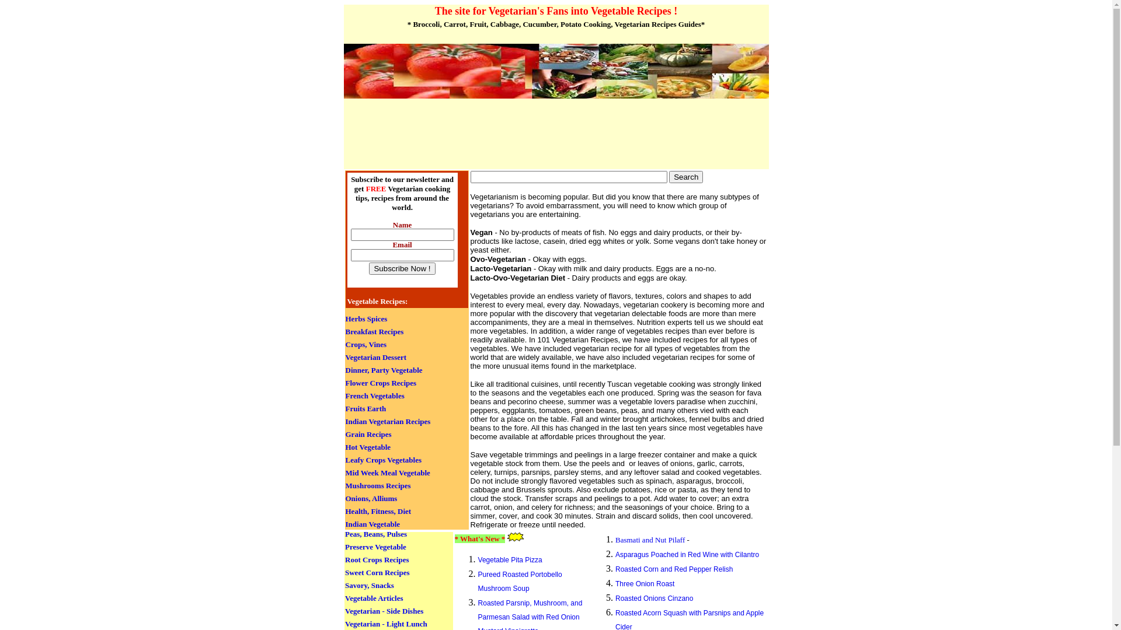 The width and height of the screenshot is (1121, 630). What do you see at coordinates (381, 383) in the screenshot?
I see `'Flower Crops Recipes'` at bounding box center [381, 383].